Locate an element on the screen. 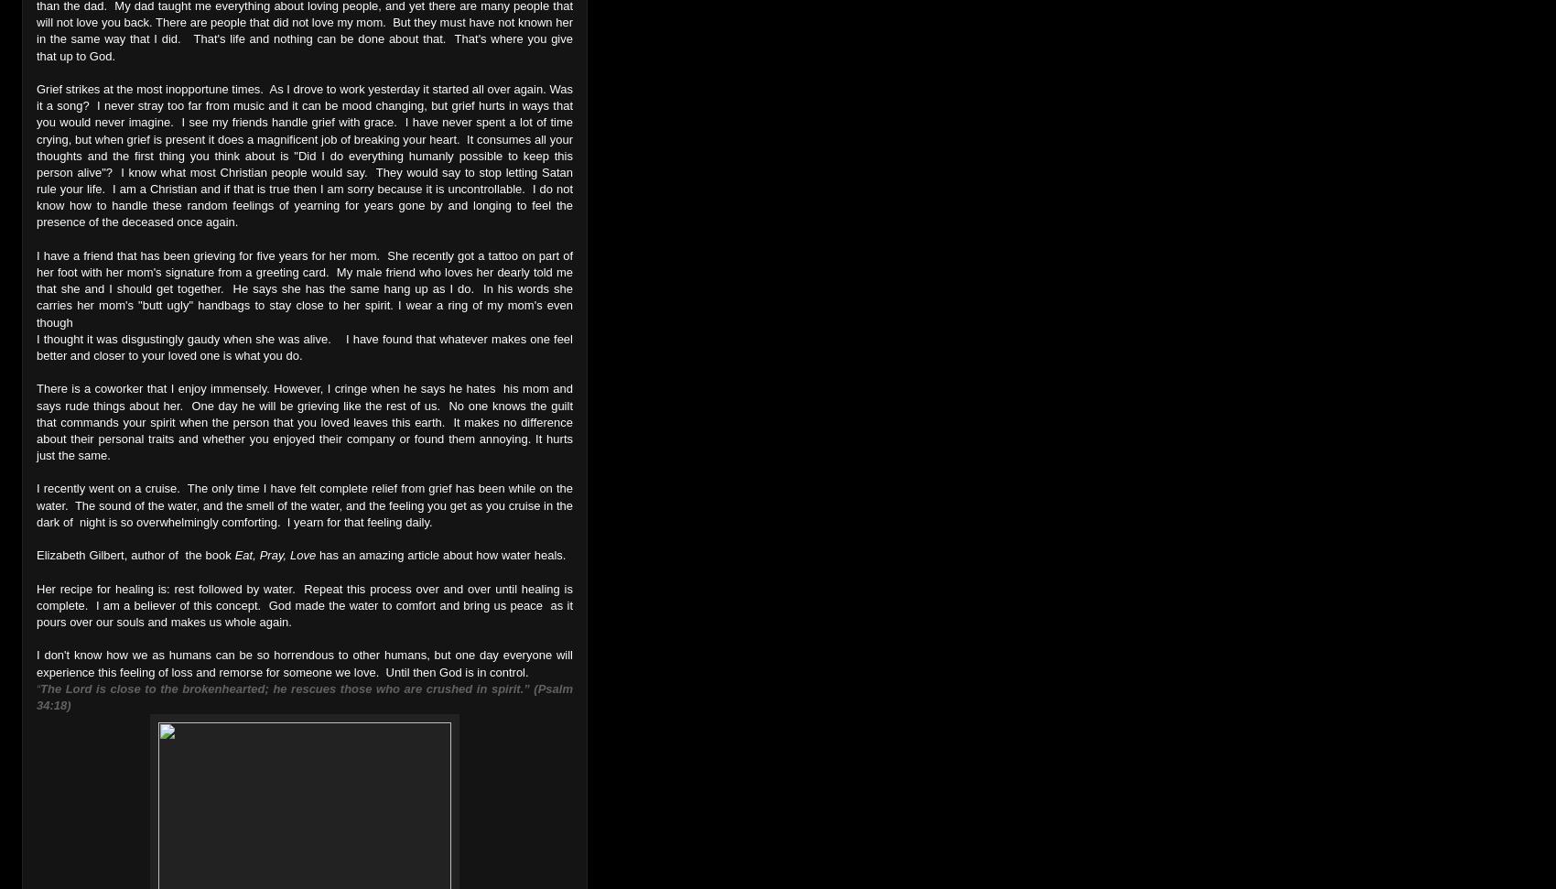  'I have a friend that has been grieving for five years for her mom.  She recently got a tattoo on part of her foot with her mom's signature from a greeting card.  My male friend who loves her dearly told me that she and I should get together.  He says she has the same hang up as I do.  In his words she carries her mom's "butt ugly" handbags to stay close to her spirit. I wear a ring of my mom's even though' is located at coordinates (36, 287).